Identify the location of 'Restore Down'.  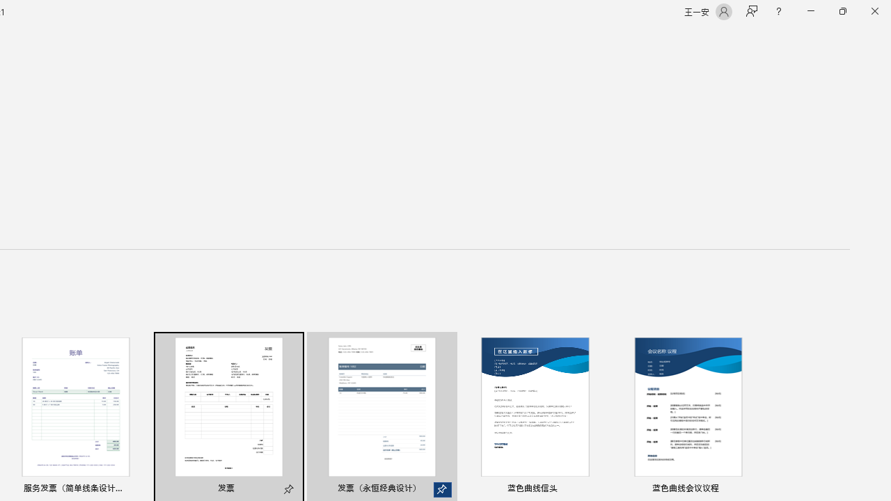
(842, 11).